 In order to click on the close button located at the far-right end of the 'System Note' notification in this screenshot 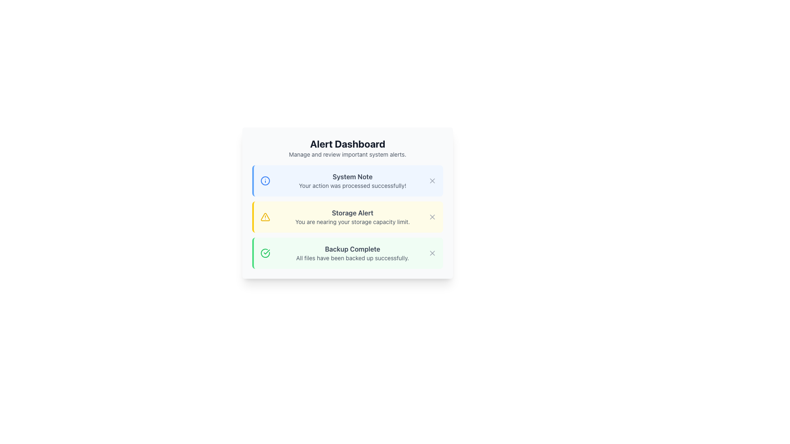, I will do `click(432, 180)`.